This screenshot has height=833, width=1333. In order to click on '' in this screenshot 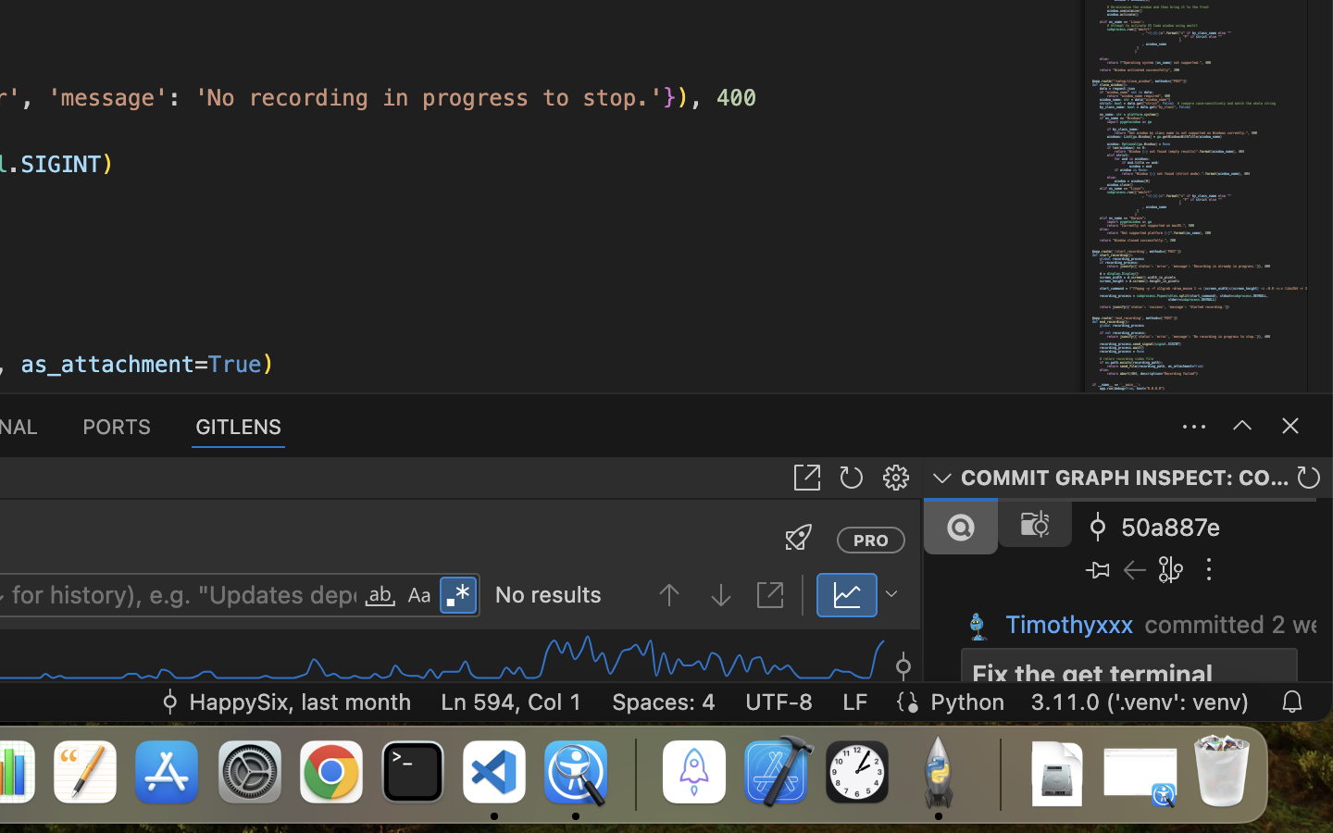, I will do `click(1290, 424)`.